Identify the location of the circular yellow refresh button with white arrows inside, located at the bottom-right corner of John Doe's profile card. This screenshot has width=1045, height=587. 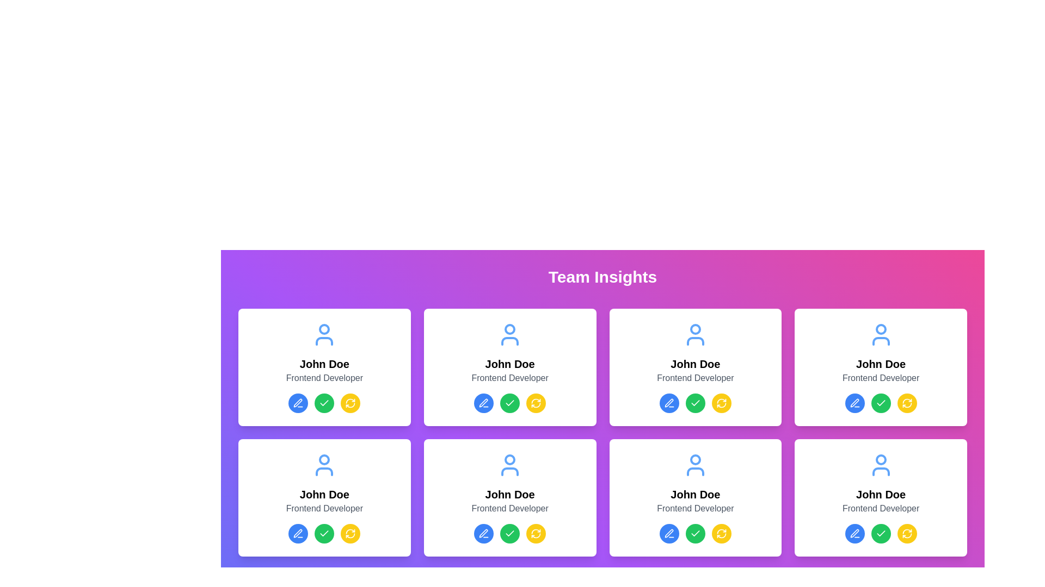
(351, 403).